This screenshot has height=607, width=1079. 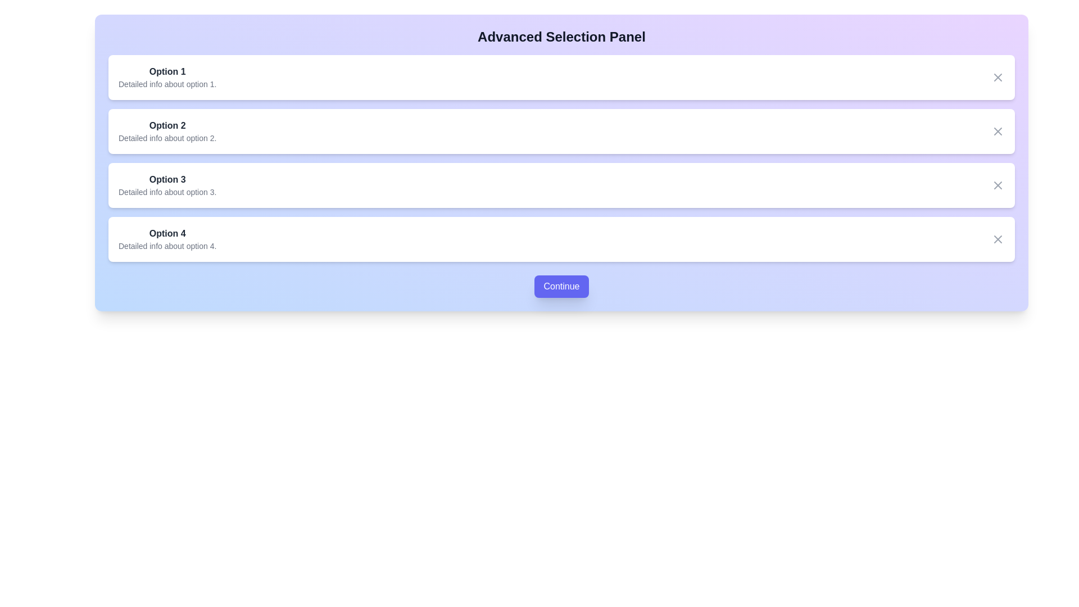 I want to click on the List Item Card displaying 'Option 3' with detailed info about option 3, which is the third item in a vertical list of options, so click(x=561, y=185).